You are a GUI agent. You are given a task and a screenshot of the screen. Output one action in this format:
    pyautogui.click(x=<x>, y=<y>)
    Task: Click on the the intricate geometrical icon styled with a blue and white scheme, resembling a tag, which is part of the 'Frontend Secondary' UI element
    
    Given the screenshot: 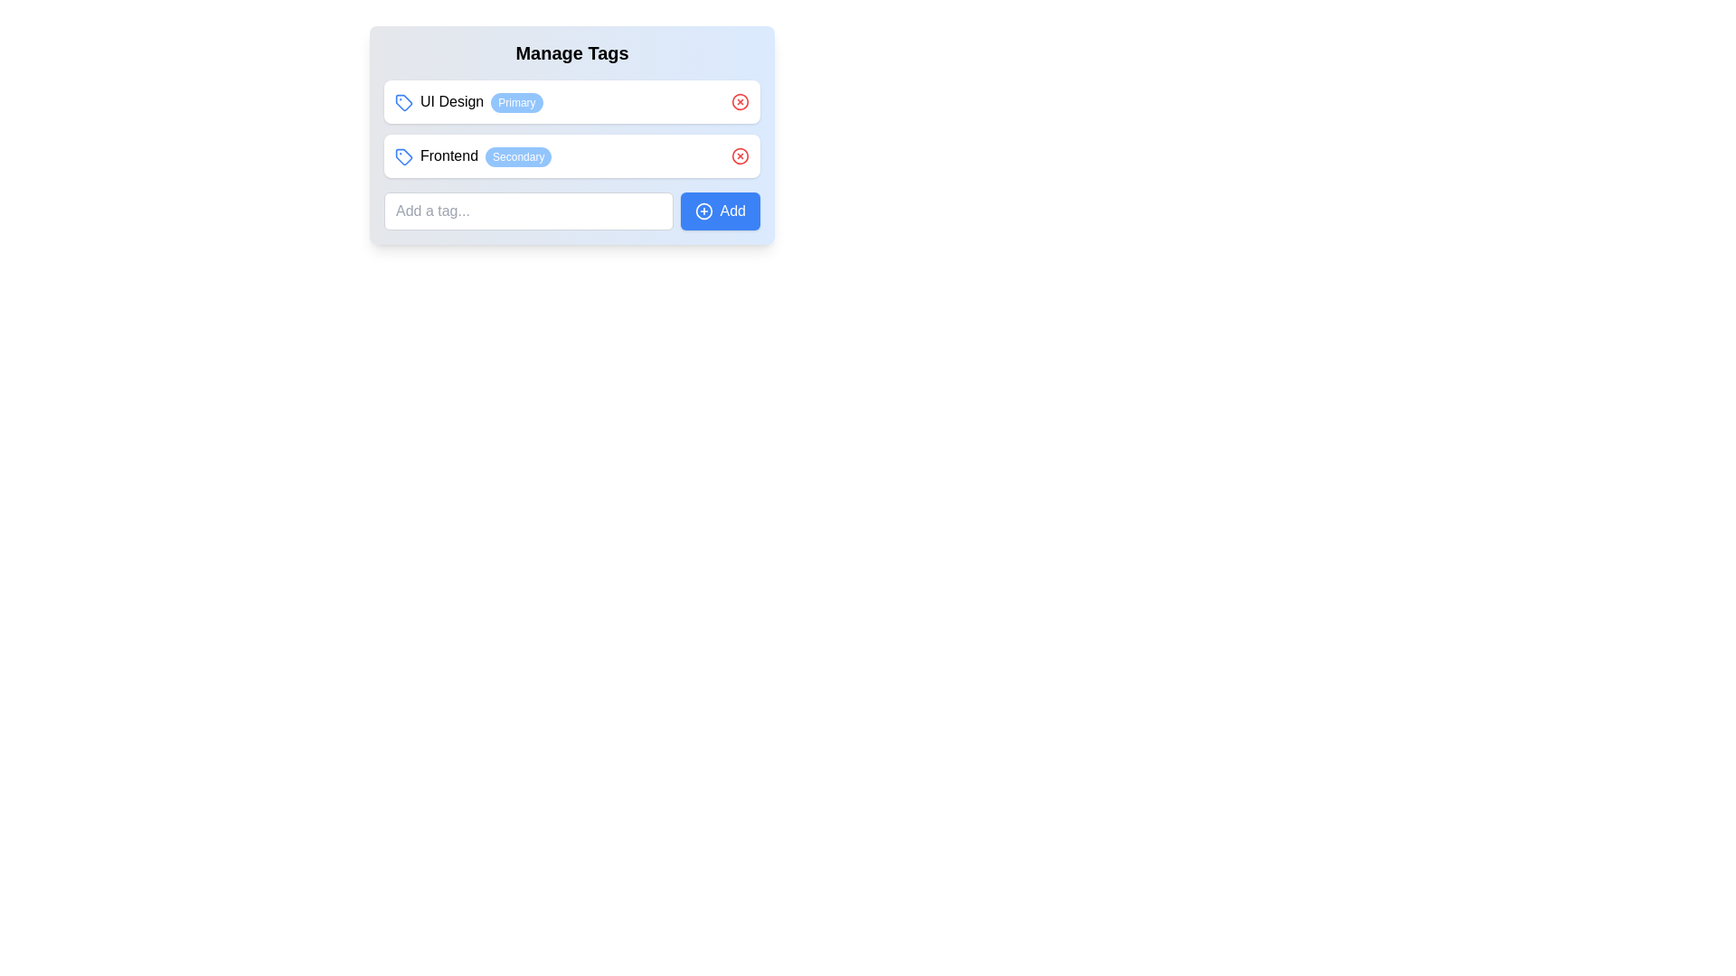 What is the action you would take?
    pyautogui.click(x=402, y=102)
    